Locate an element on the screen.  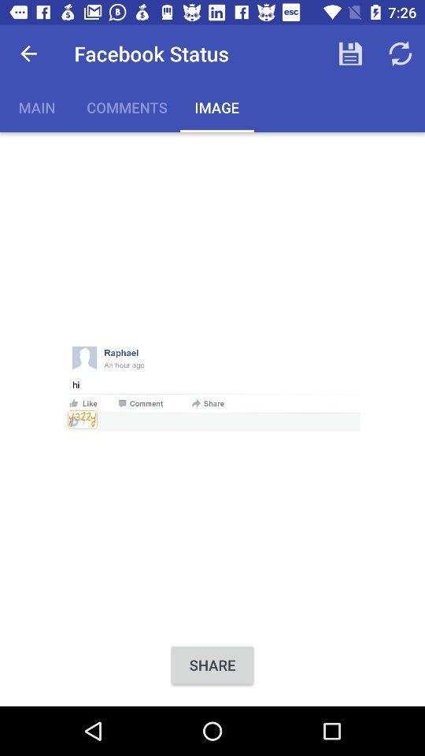
icon to the right of the facebook status is located at coordinates (350, 54).